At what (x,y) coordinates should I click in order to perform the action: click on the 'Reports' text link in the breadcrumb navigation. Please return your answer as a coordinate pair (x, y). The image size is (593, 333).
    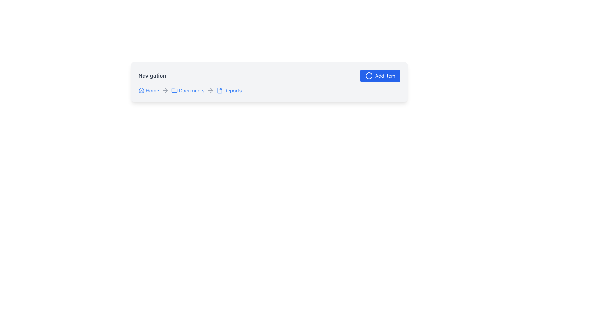
    Looking at the image, I should click on (233, 90).